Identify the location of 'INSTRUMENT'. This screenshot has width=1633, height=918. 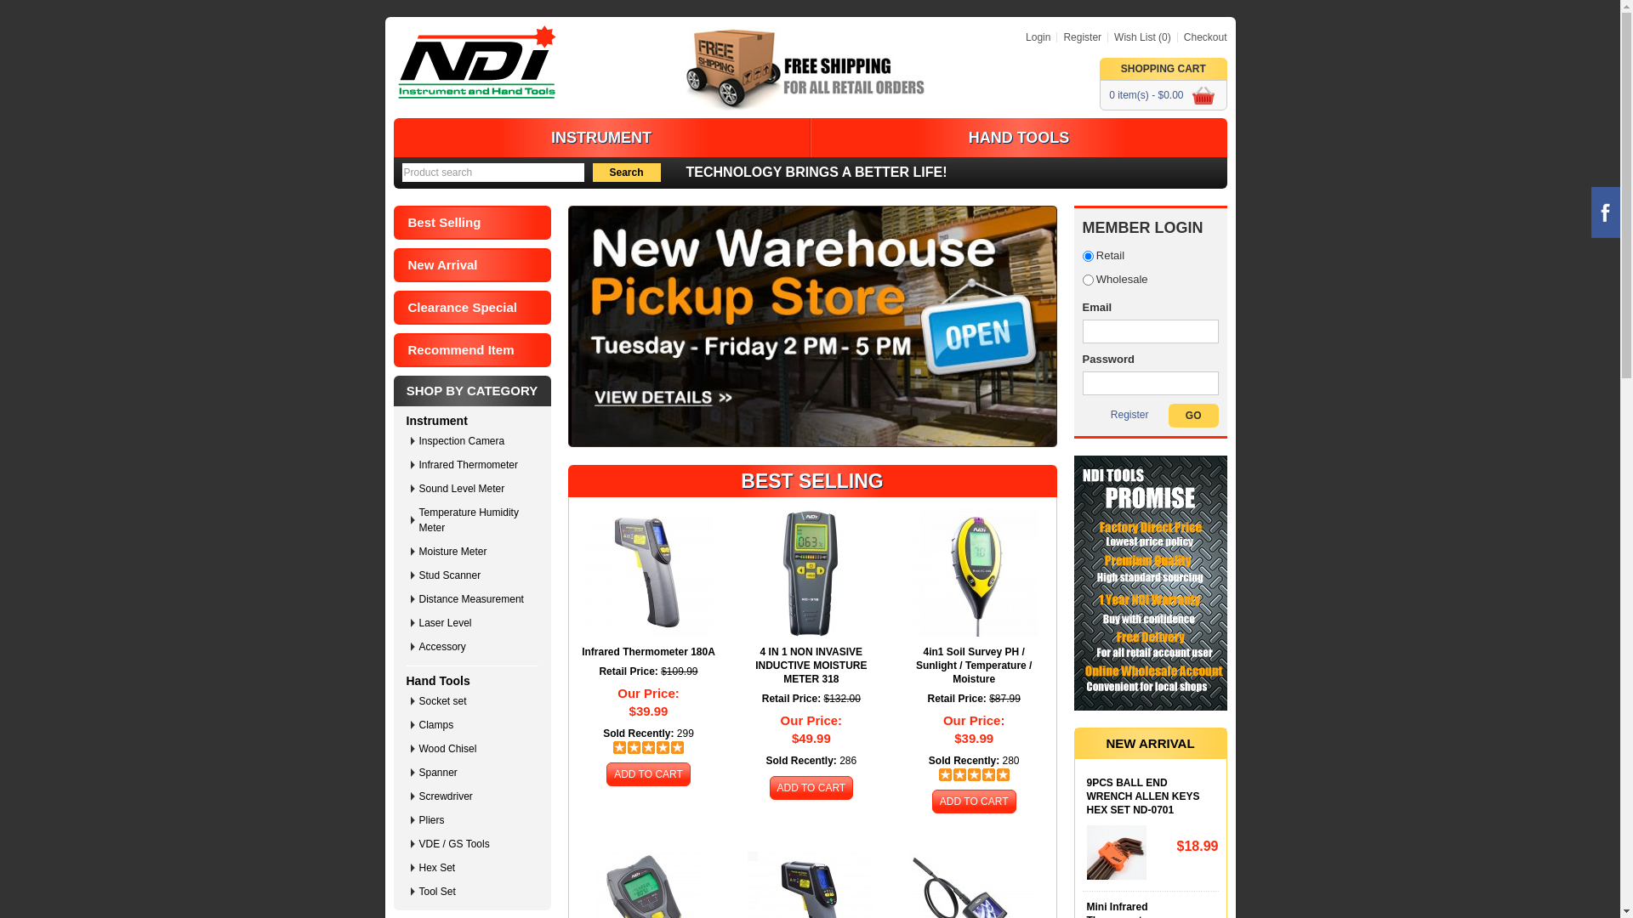
(600, 137).